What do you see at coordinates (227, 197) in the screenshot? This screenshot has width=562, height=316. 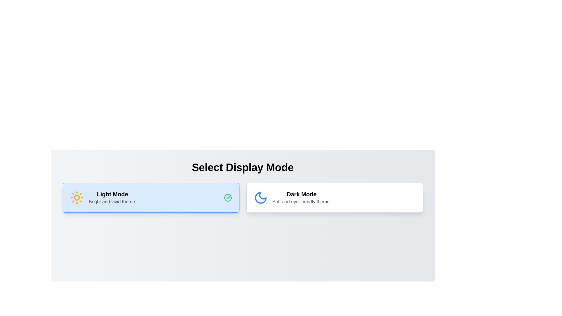 I see `the circular green segment of the SVG icon located in the top-right area of the 'Light Mode' card` at bounding box center [227, 197].